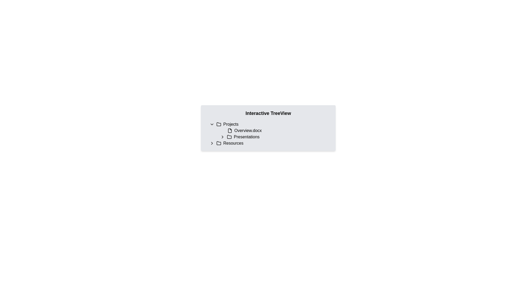 This screenshot has height=284, width=505. I want to click on the 'Resources' folder entry in the tree view, so click(270, 143).